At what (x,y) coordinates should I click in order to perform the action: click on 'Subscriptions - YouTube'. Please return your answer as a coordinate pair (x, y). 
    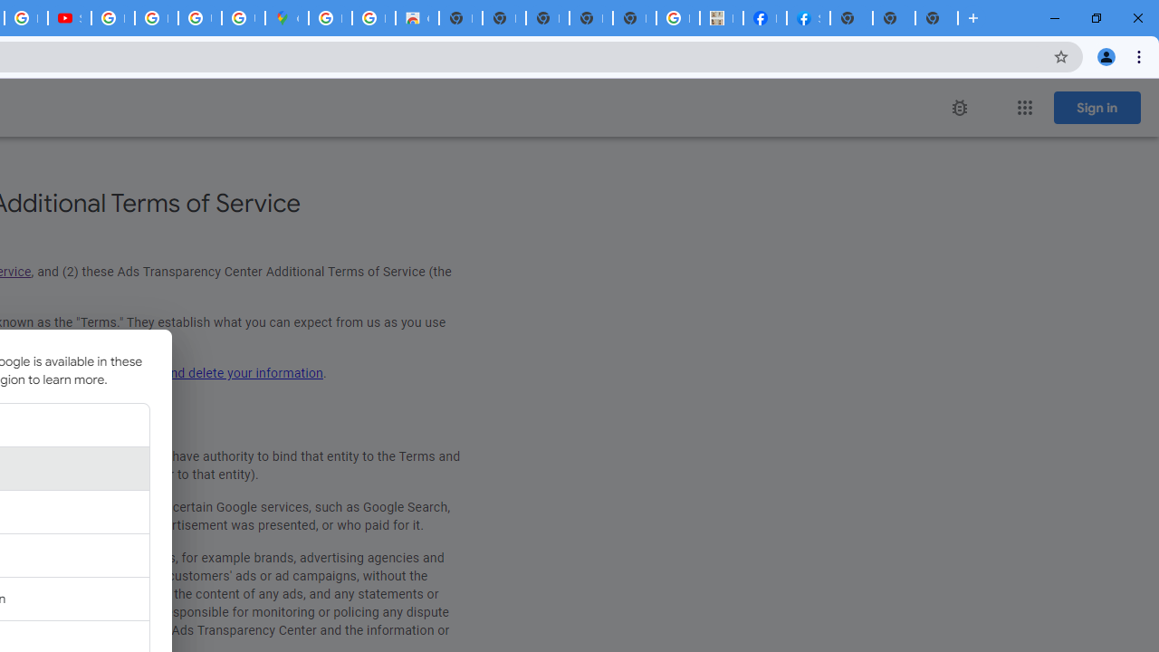
    Looking at the image, I should click on (69, 18).